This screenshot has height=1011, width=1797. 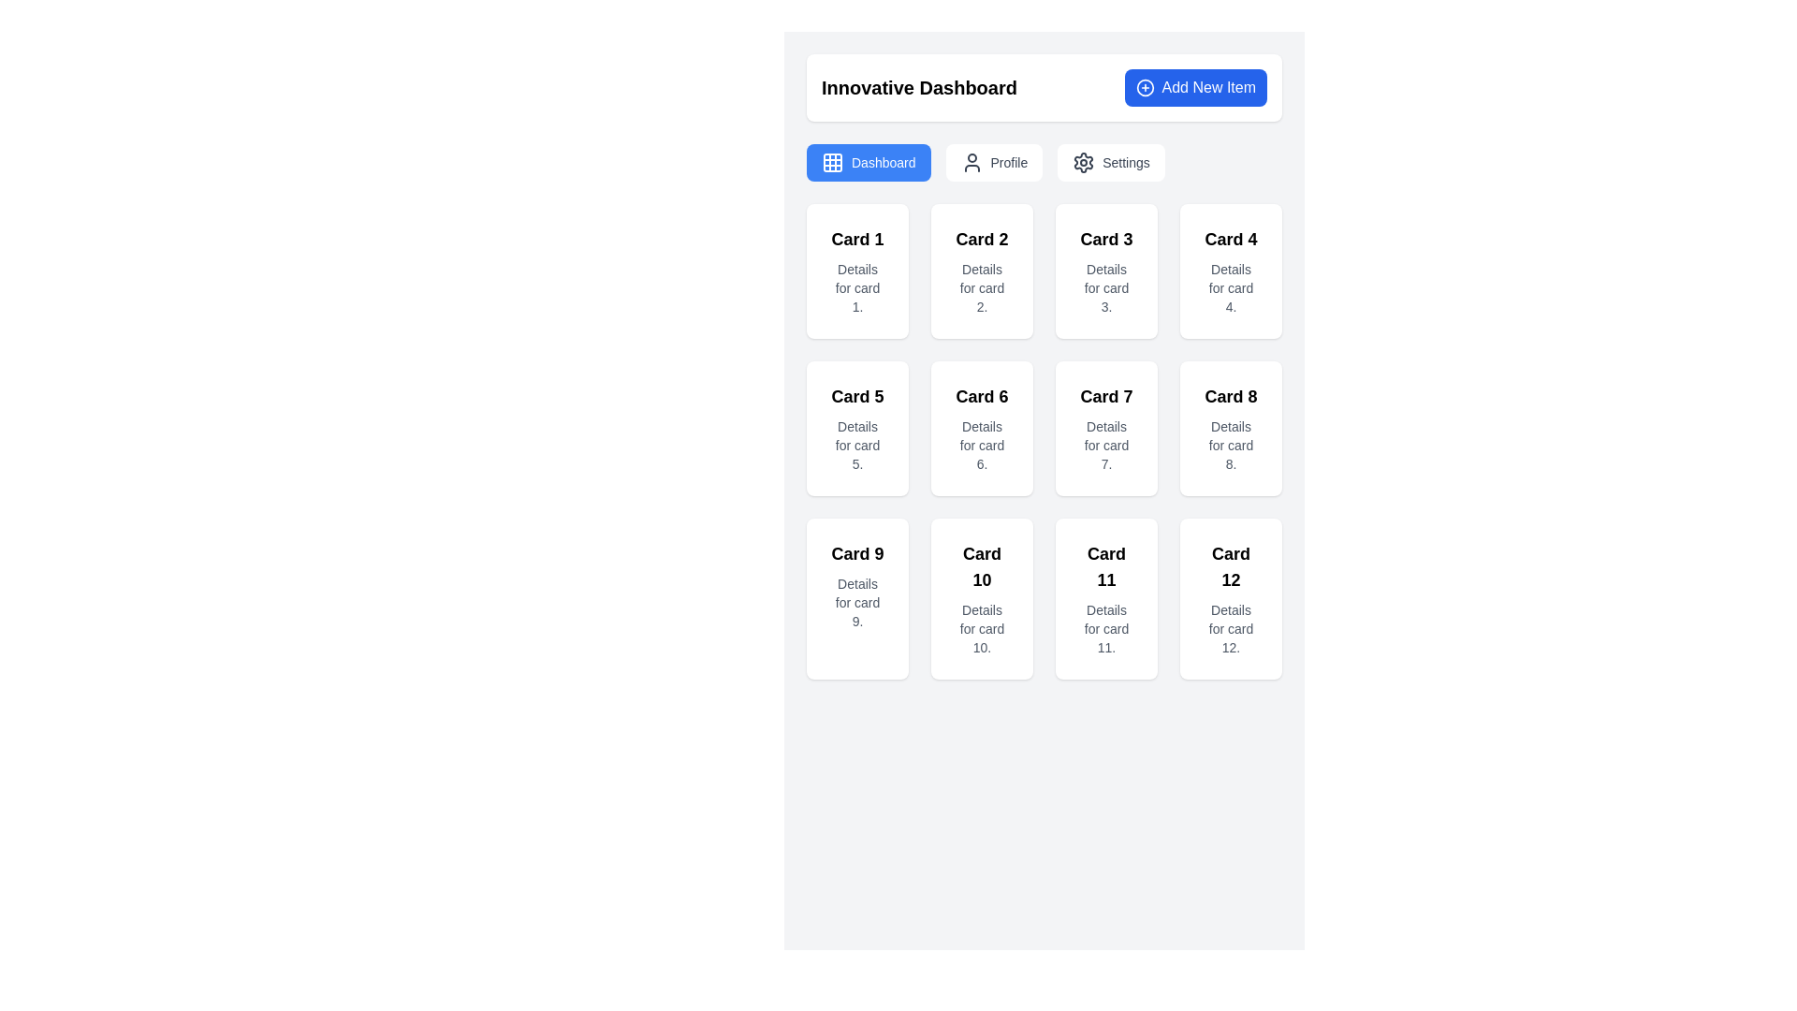 What do you see at coordinates (1008, 161) in the screenshot?
I see `the 'Profile' text label, which is styled with medium font weight and located centrally in the top navigation bar, positioned to the right of a user profile icon` at bounding box center [1008, 161].